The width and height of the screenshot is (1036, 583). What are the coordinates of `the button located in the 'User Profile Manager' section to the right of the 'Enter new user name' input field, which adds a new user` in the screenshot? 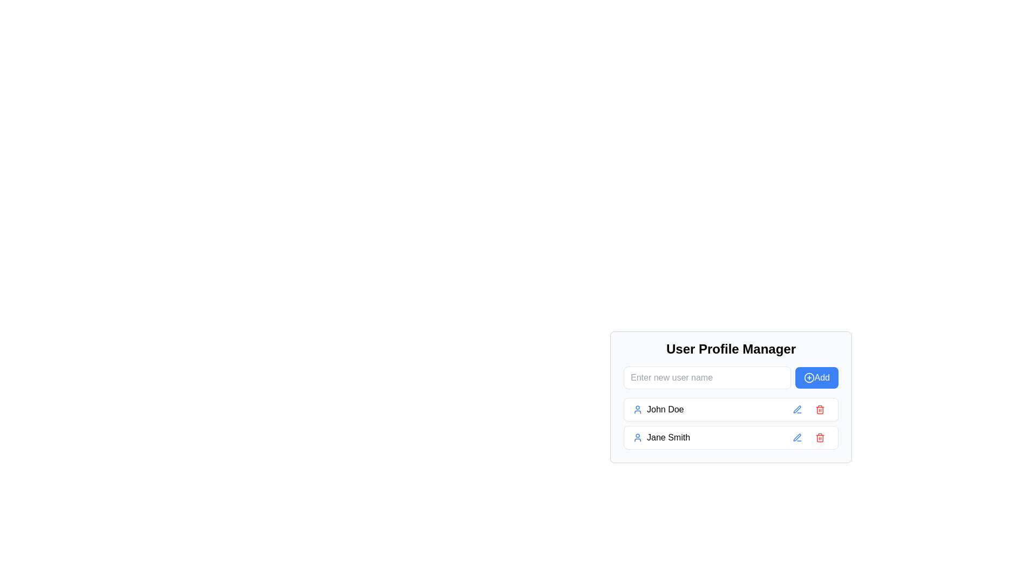 It's located at (816, 377).